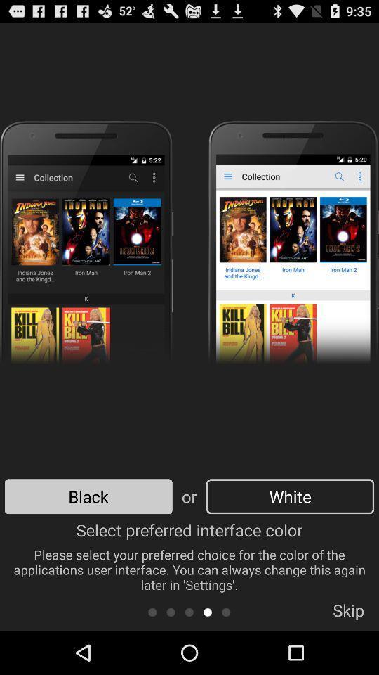 This screenshot has height=675, width=379. Describe the element at coordinates (88, 496) in the screenshot. I see `the black item` at that location.